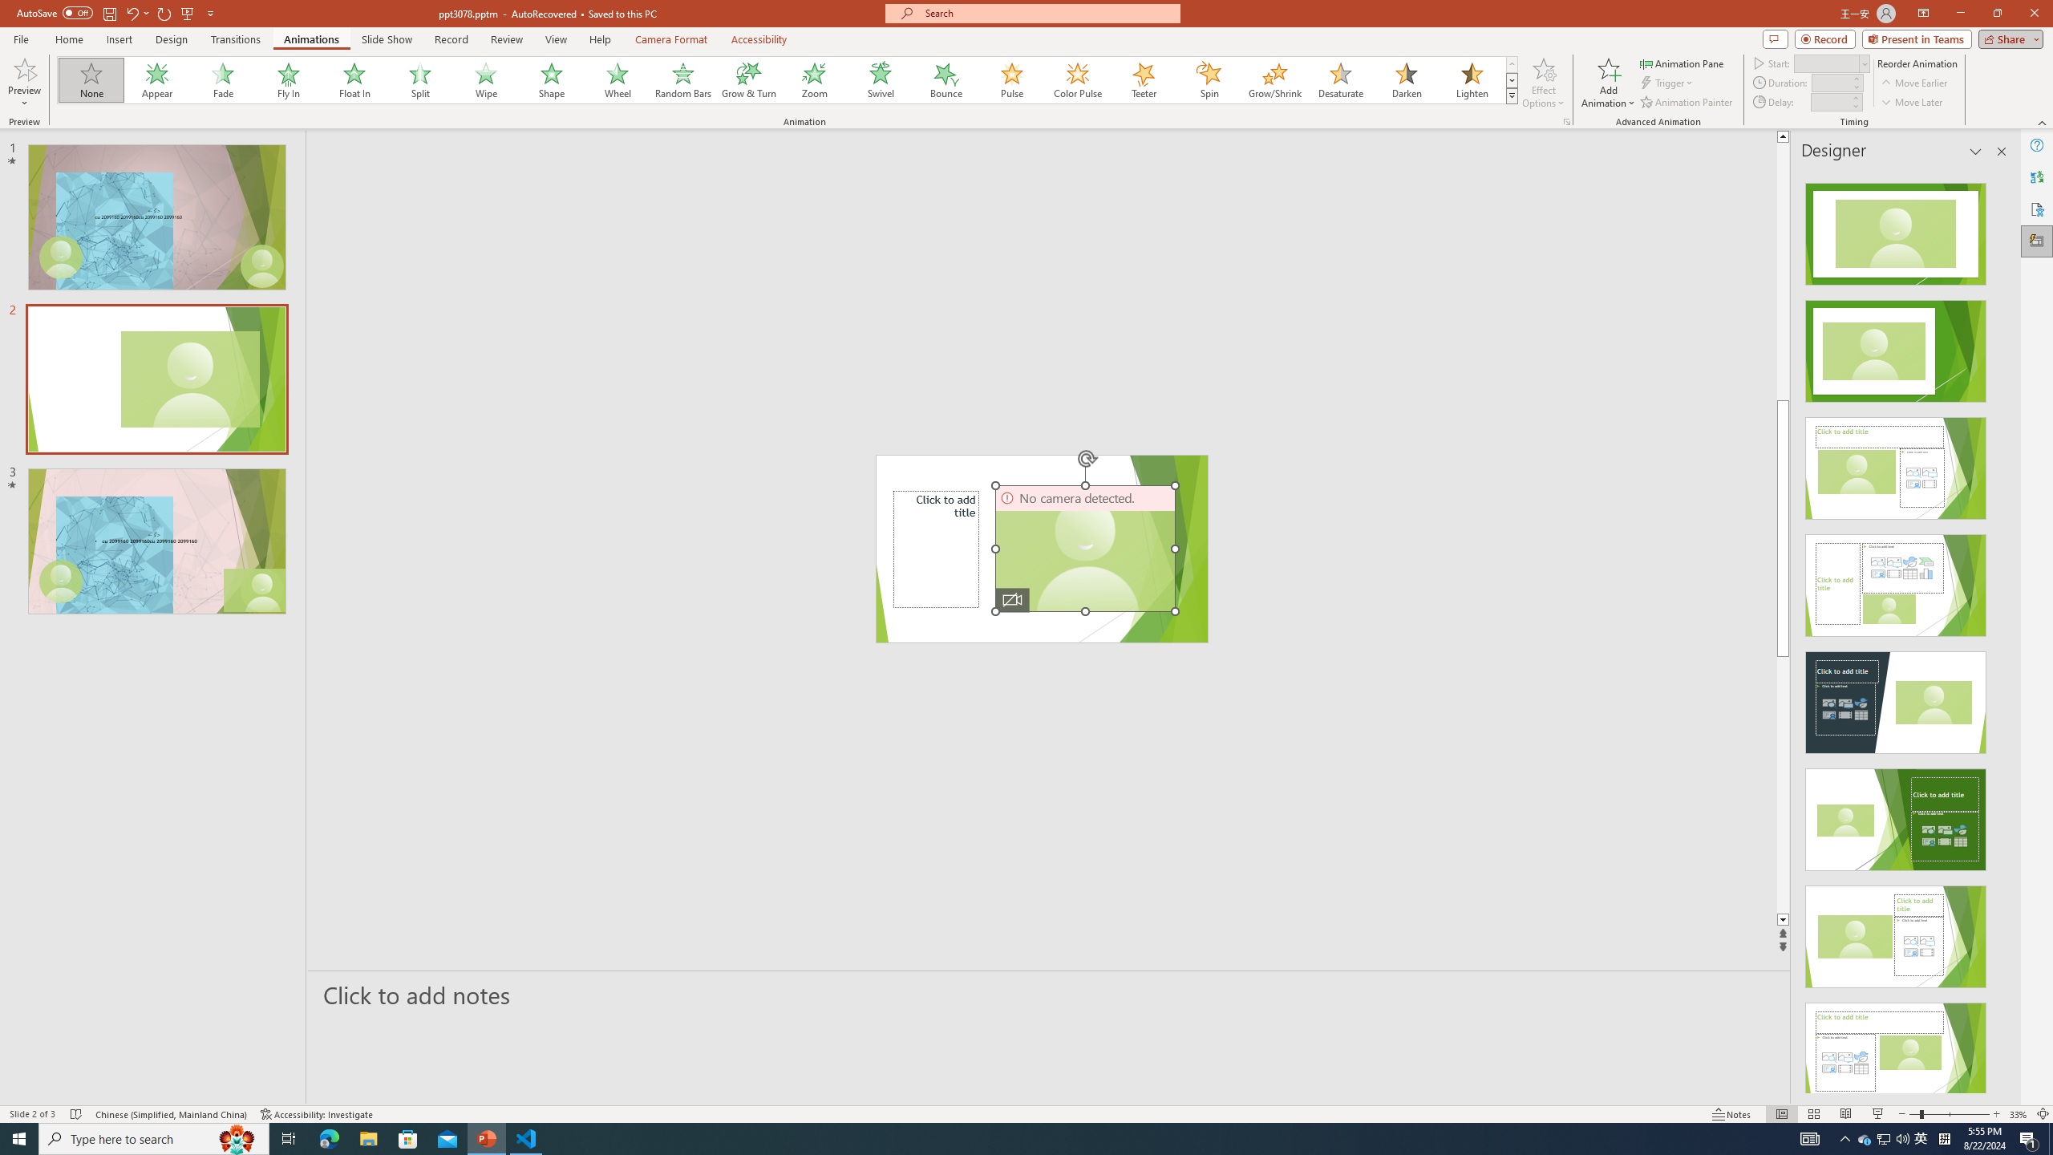 The width and height of the screenshot is (2053, 1155). What do you see at coordinates (1687, 102) in the screenshot?
I see `'Animation Painter'` at bounding box center [1687, 102].